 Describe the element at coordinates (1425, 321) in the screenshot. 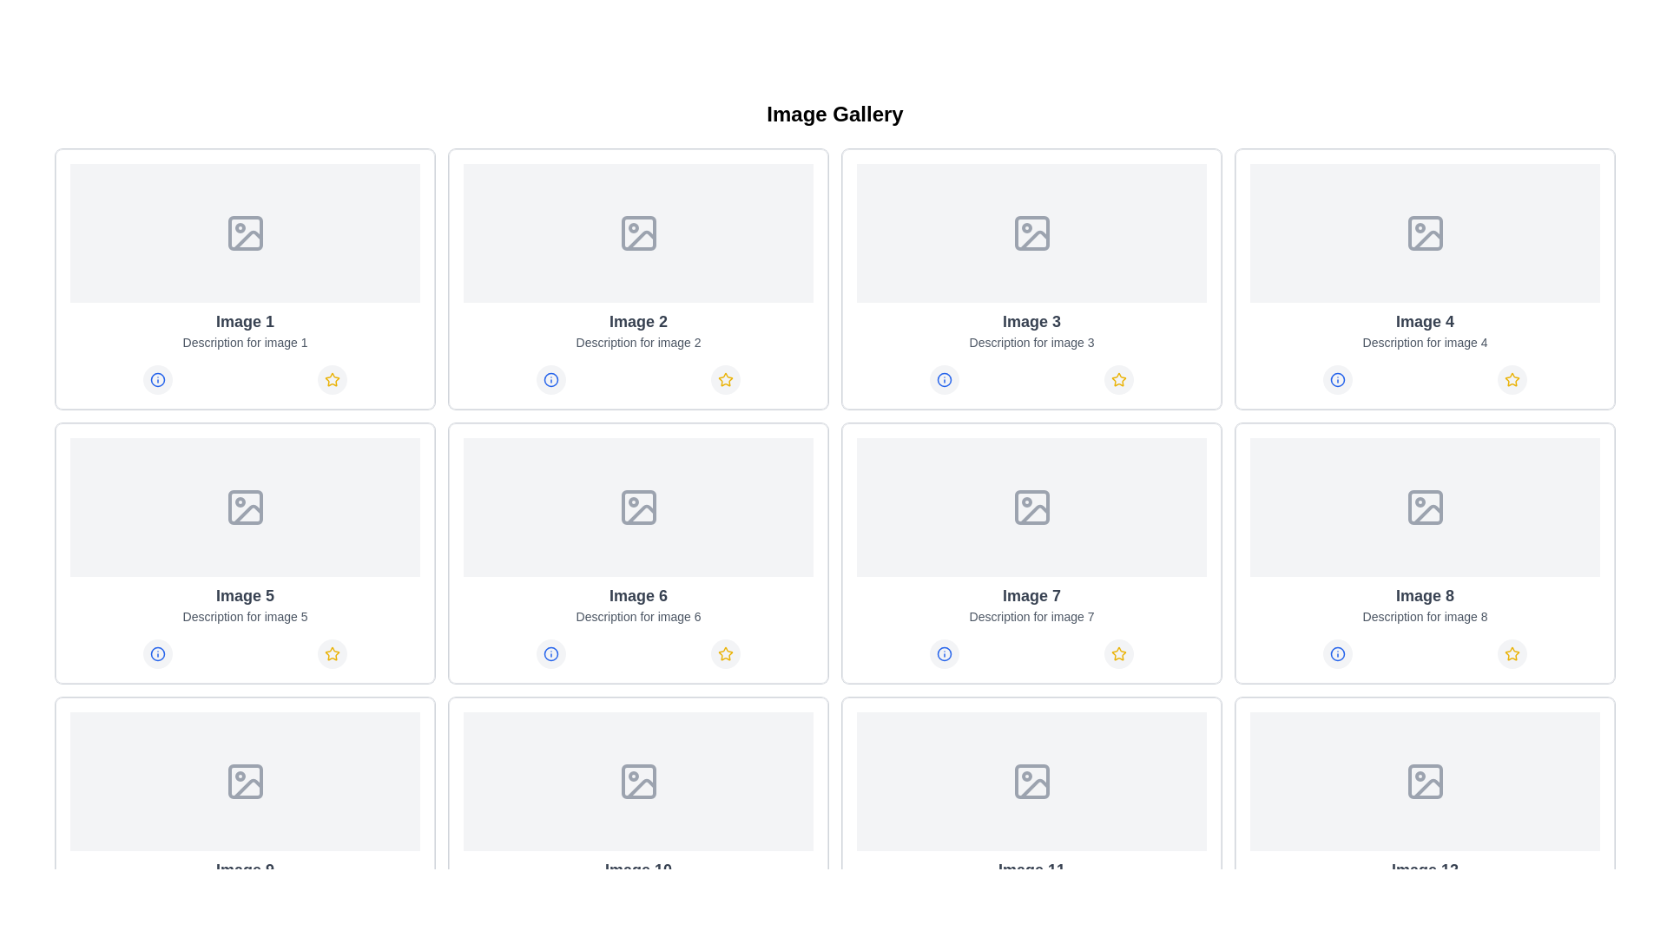

I see `text from the label that says 'Image 4', which is located in the fourth card from the left in the top row of a horizontally aligned grid structure, below the image placeholder` at that location.